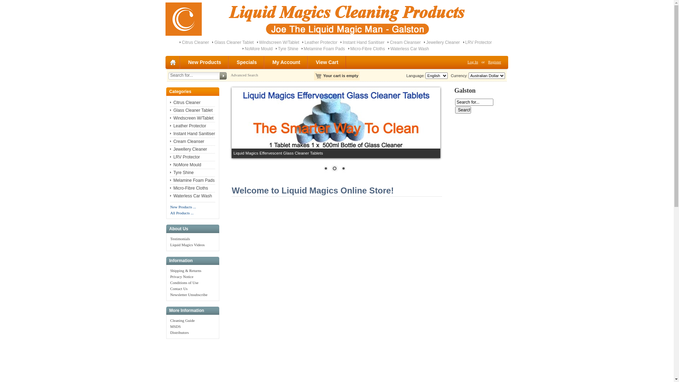 This screenshot has width=679, height=382. What do you see at coordinates (183, 207) in the screenshot?
I see `'New Products ...'` at bounding box center [183, 207].